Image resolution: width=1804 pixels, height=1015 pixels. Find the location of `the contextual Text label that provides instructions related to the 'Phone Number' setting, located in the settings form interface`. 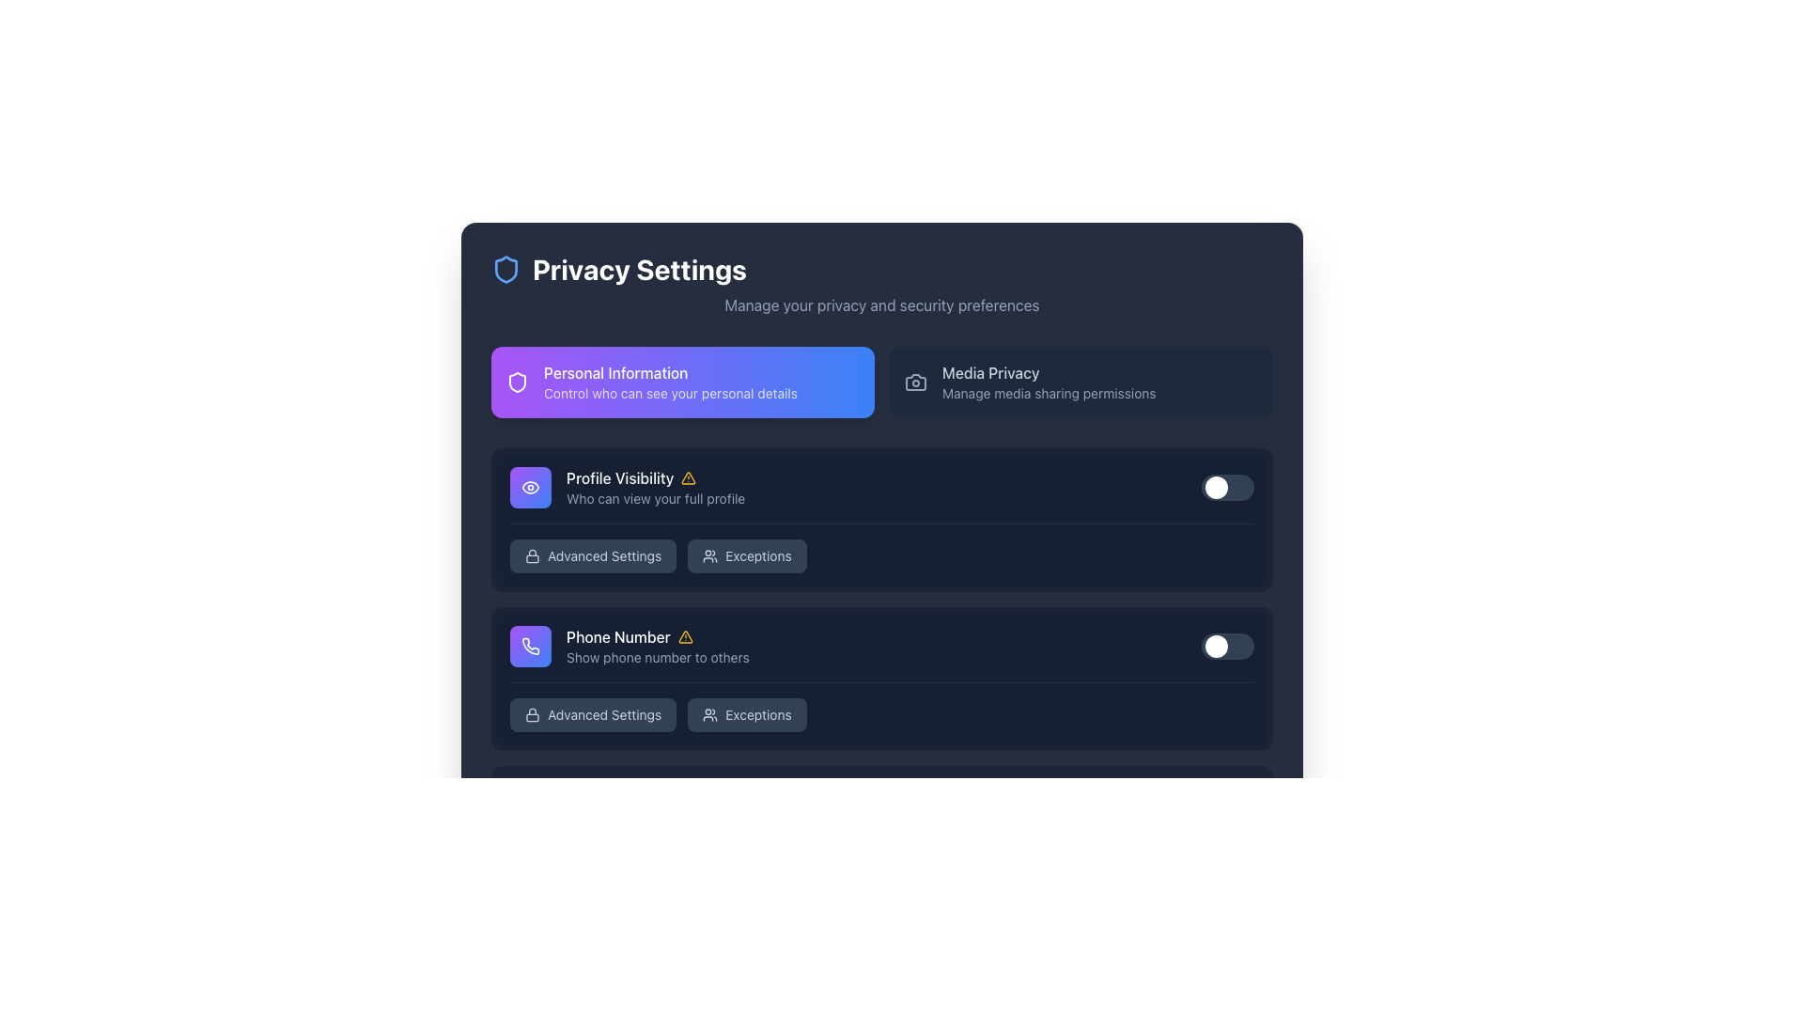

the contextual Text label that provides instructions related to the 'Phone Number' setting, located in the settings form interface is located at coordinates (658, 656).